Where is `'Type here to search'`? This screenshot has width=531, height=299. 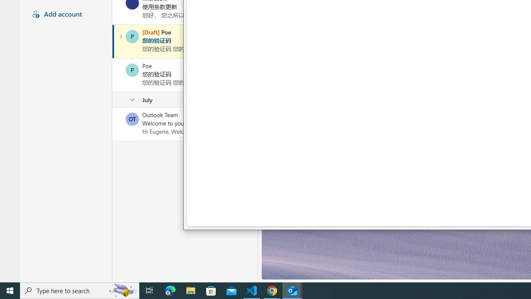
'Type here to search' is located at coordinates (80, 290).